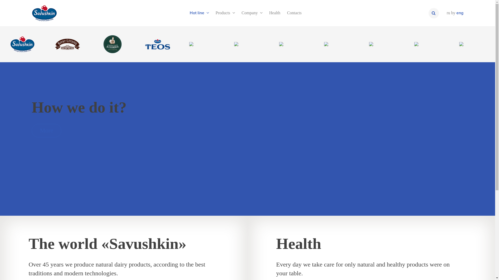 The width and height of the screenshot is (499, 280). I want to click on 'eng', so click(460, 13).